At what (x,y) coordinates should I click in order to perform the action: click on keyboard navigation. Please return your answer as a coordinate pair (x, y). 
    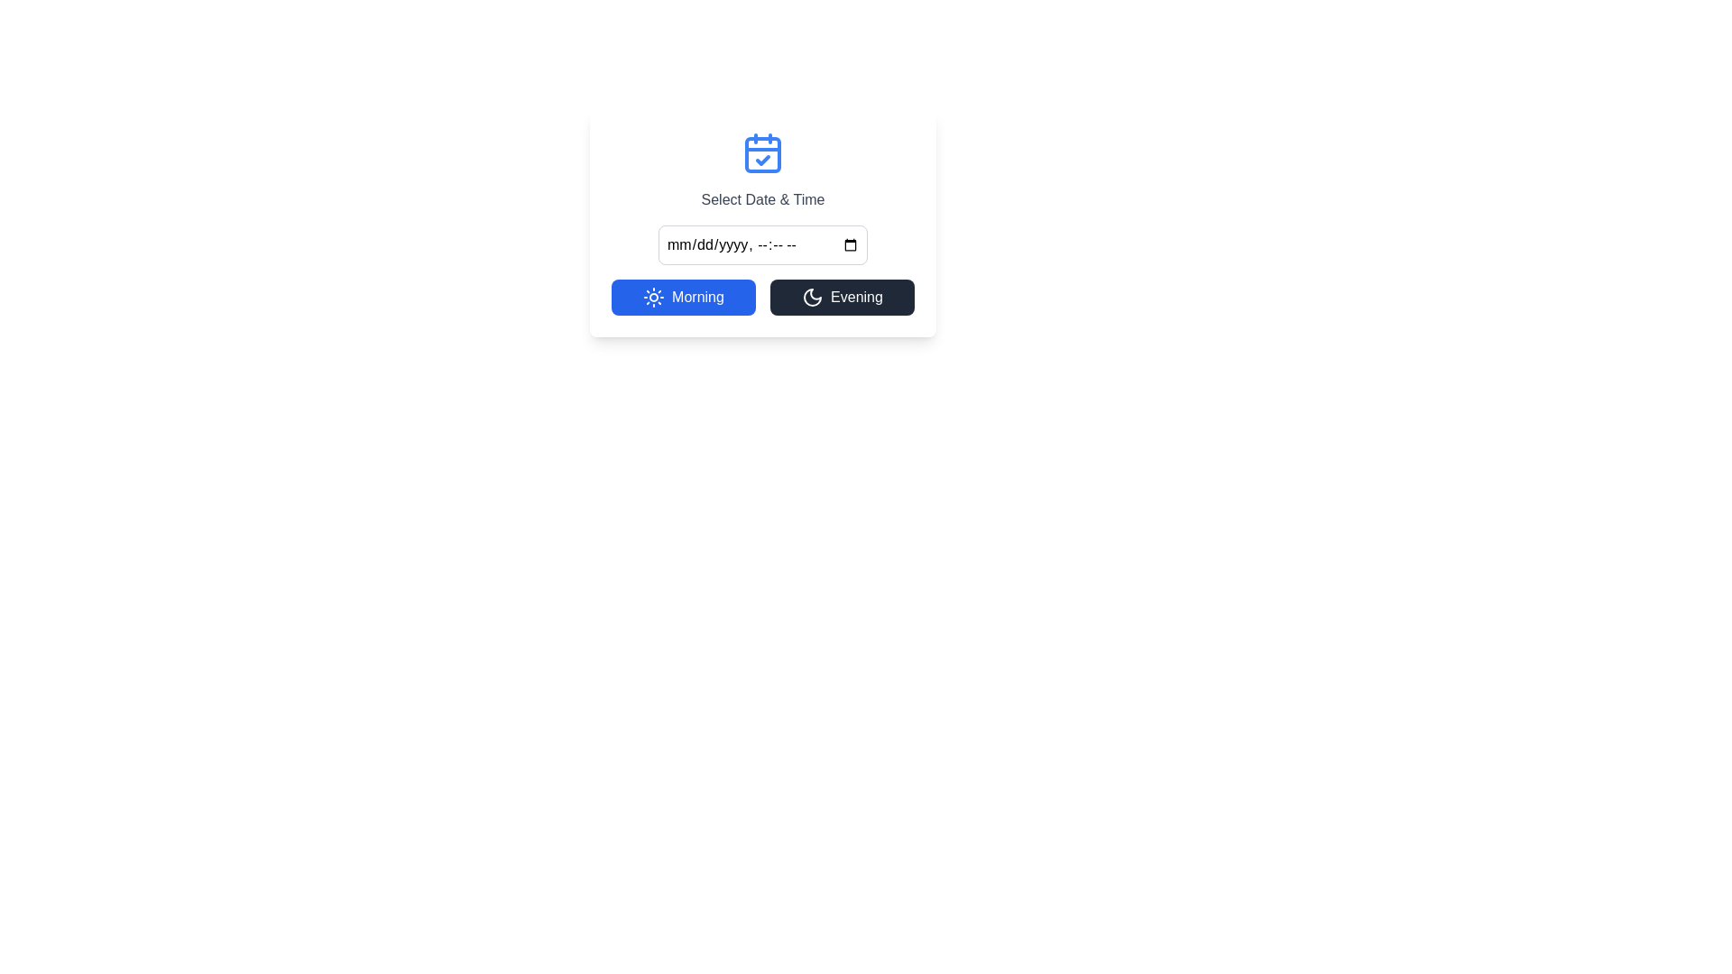
    Looking at the image, I should click on (762, 245).